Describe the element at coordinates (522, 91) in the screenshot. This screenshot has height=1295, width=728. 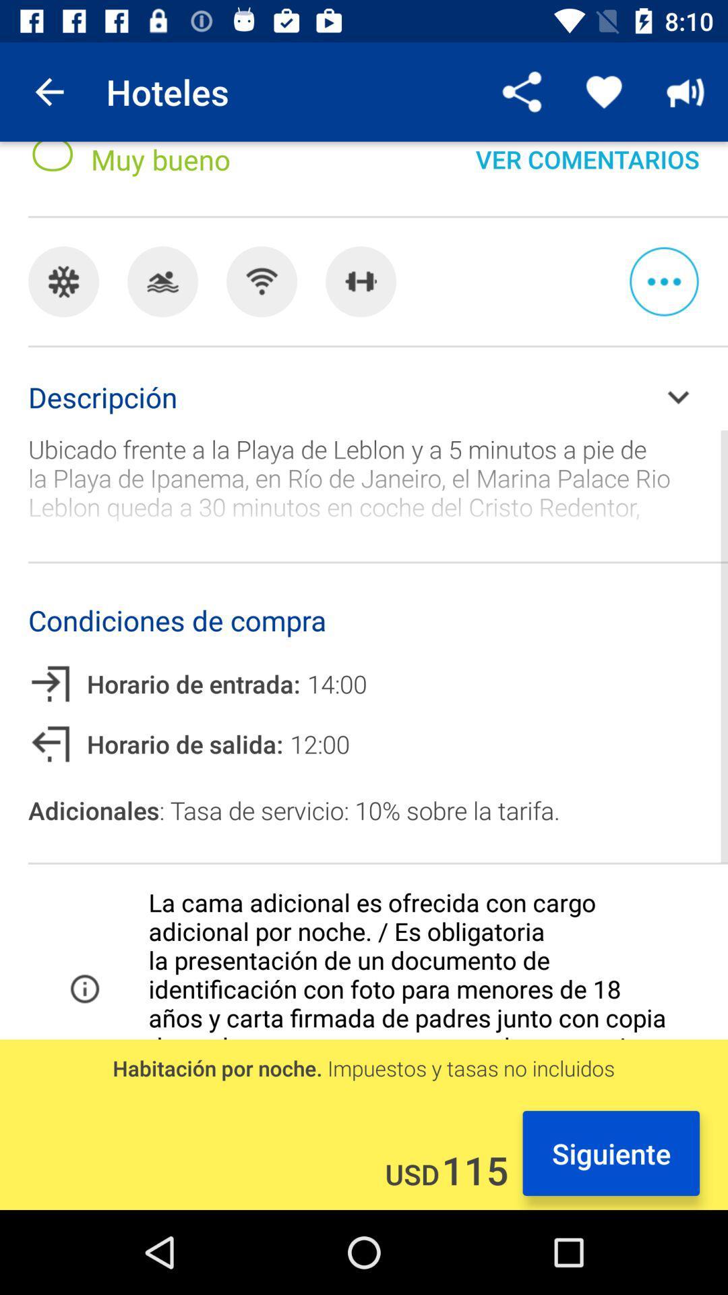
I see `the icon next to the muy bueno` at that location.